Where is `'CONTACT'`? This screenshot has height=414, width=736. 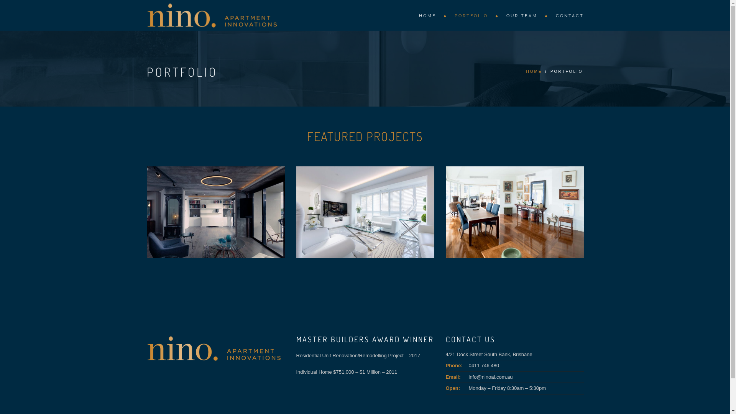 'CONTACT' is located at coordinates (566, 15).